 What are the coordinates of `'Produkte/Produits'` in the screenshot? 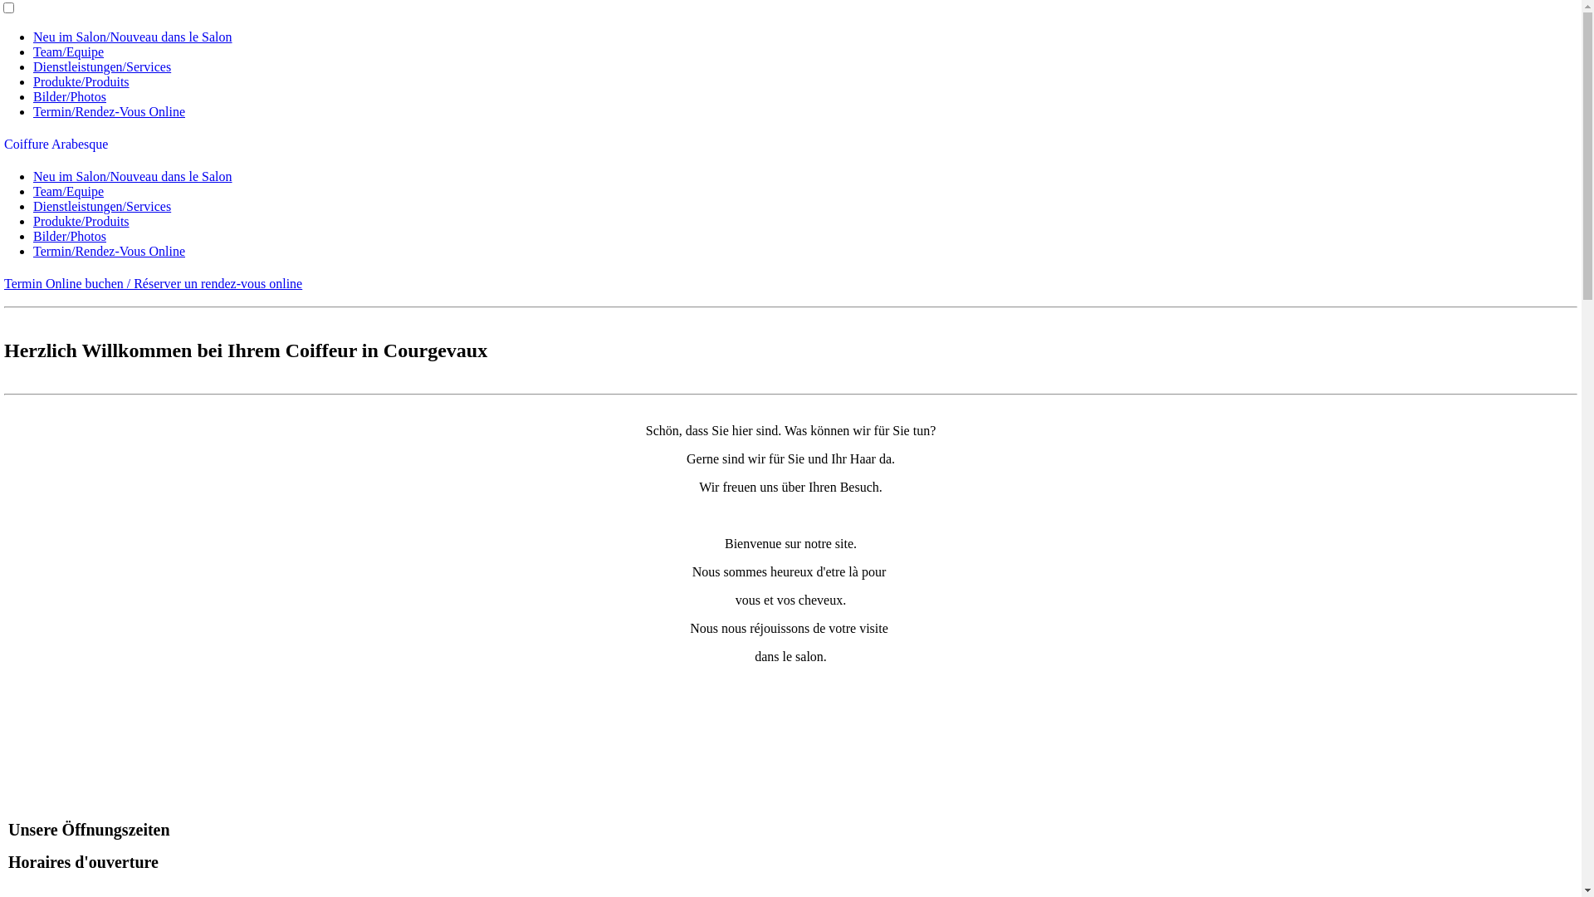 It's located at (32, 220).